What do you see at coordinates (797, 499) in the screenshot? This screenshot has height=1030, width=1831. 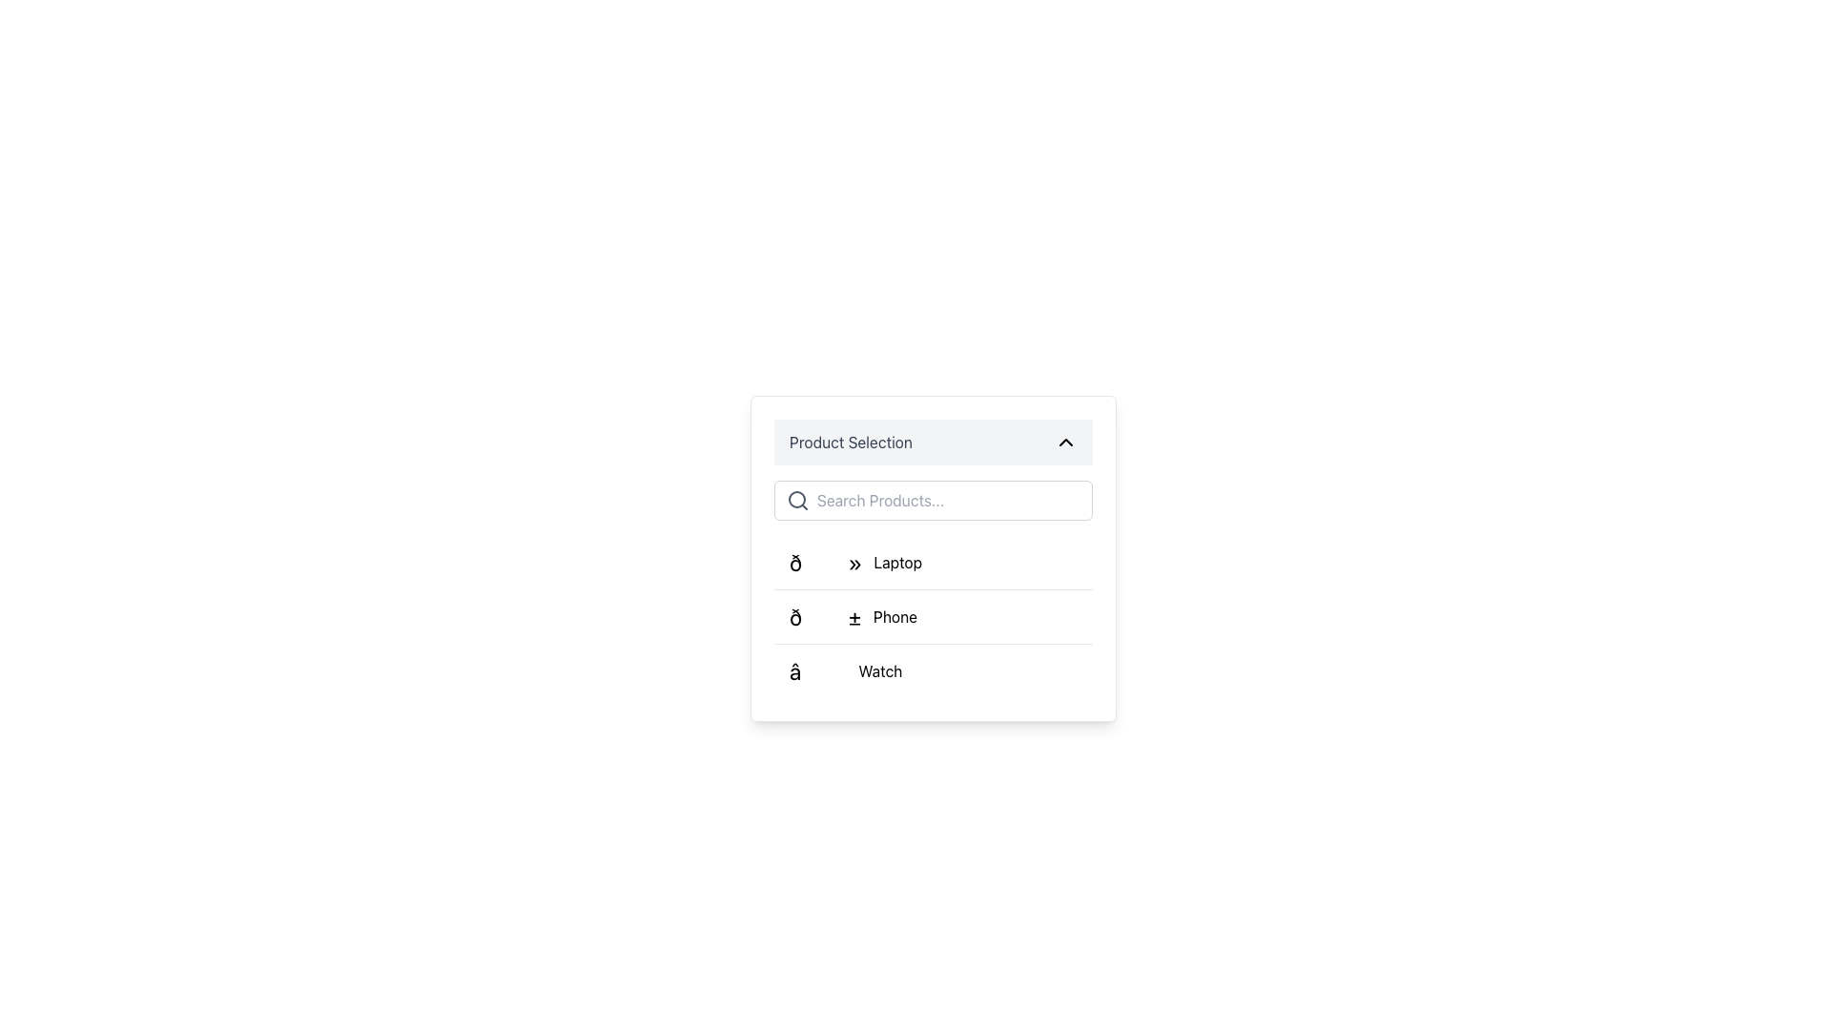 I see `the search icon located to the immediate left of the text input field with the placeholder 'Search Products...' in the dropdown section labeled 'Product Selection'` at bounding box center [797, 499].